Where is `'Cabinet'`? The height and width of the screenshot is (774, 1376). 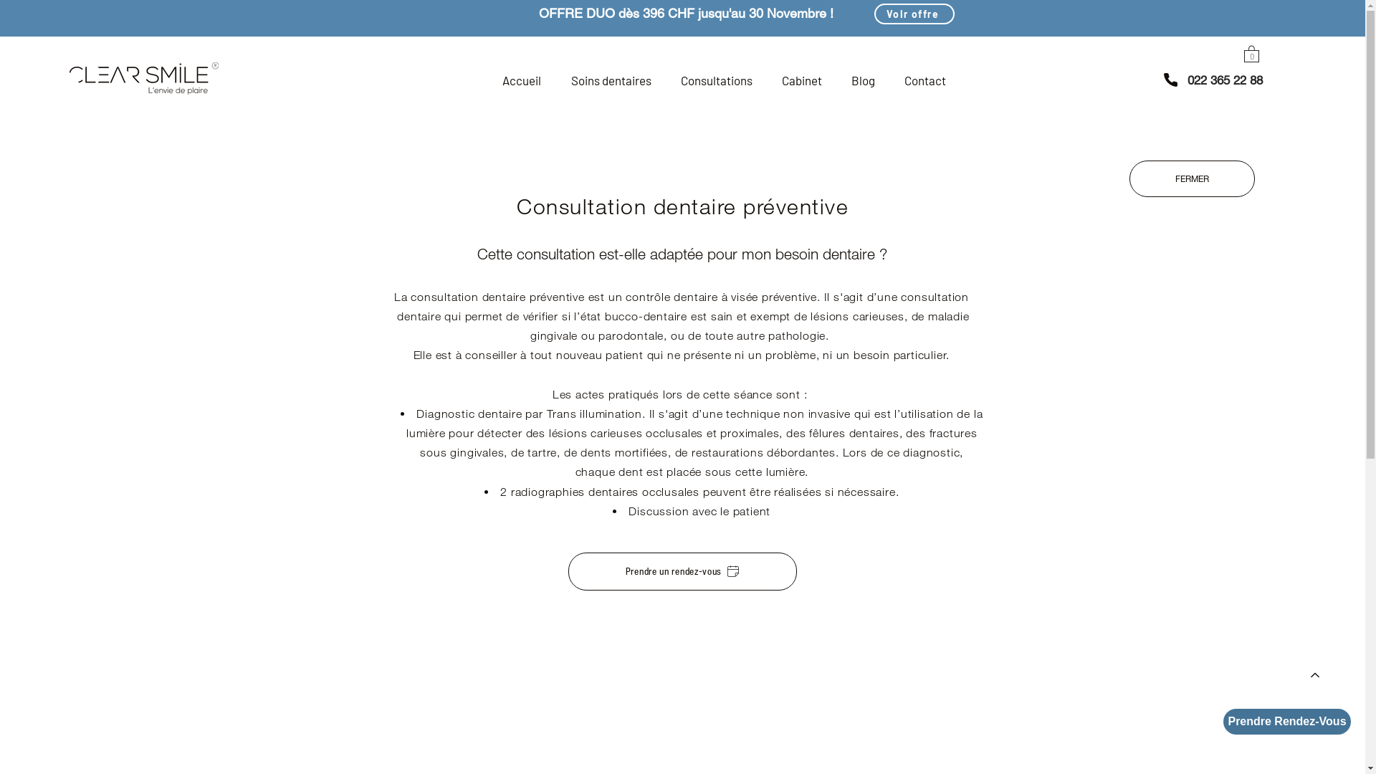
'Cabinet' is located at coordinates (801, 80).